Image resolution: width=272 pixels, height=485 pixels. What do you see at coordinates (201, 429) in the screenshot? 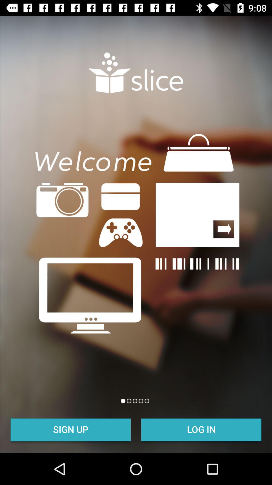
I see `the item next to sign up` at bounding box center [201, 429].